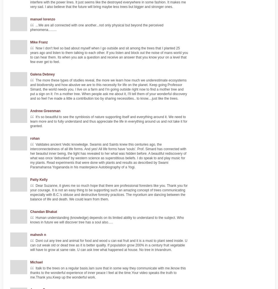 The height and width of the screenshot is (289, 278). What do you see at coordinates (108, 272) in the screenshot?
I see `'Italk to the trees on a regular basis.Iam sure that in some way they communicate with me.Iknow this thanks to the wonderful experience of inner peace I feel at the time.Your video speaks the truth to me.Thank you.Keep up the wonderful work.'` at bounding box center [108, 272].